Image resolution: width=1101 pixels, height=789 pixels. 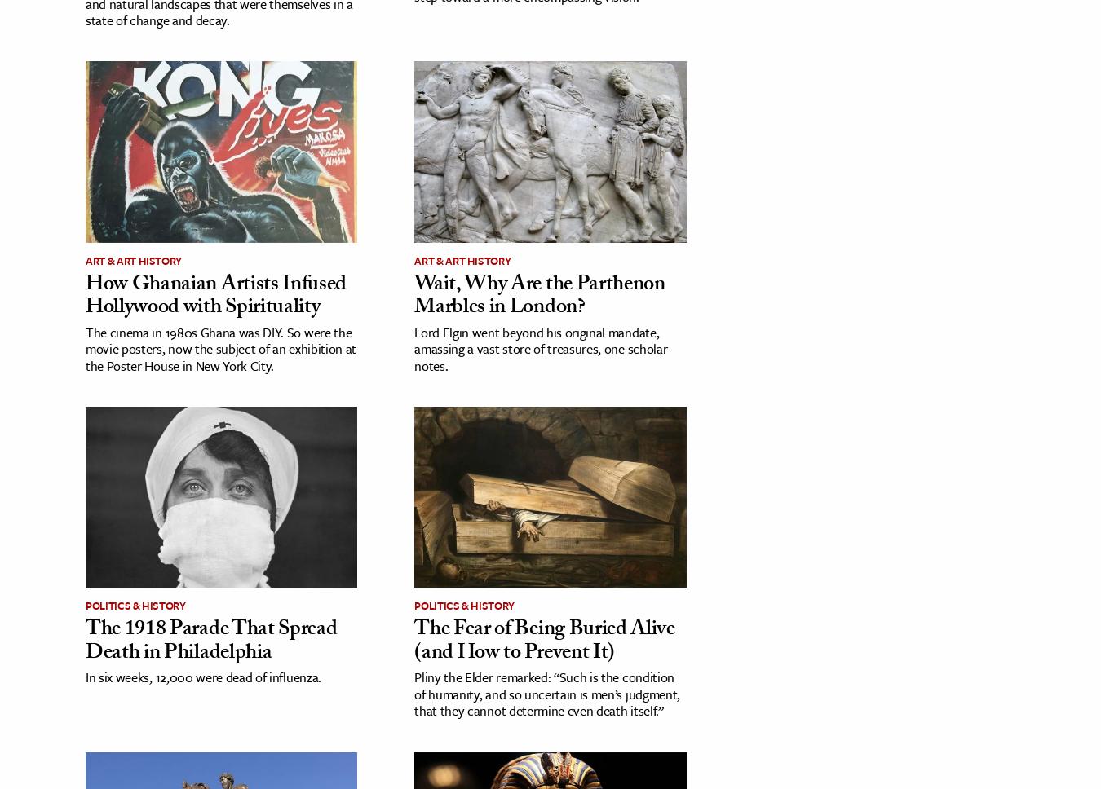 What do you see at coordinates (540, 348) in the screenshot?
I see `'Lord Elgin went beyond his original mandate, amassing a vast store of treasures, one scholar notes.'` at bounding box center [540, 348].